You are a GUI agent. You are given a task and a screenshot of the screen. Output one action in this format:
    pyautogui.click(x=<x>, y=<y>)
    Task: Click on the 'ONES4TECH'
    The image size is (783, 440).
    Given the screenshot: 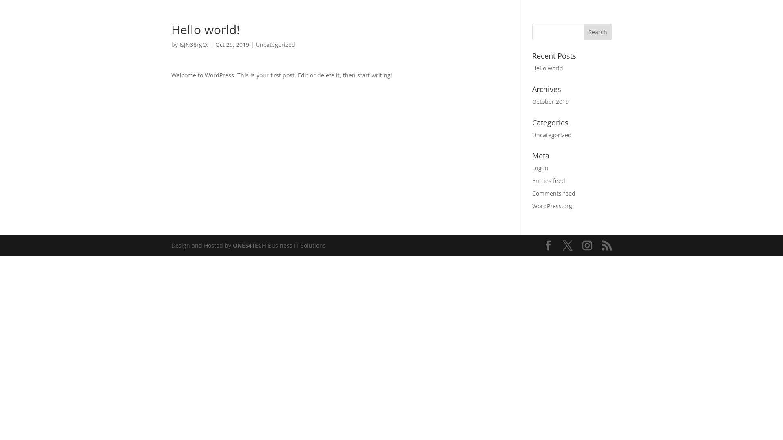 What is the action you would take?
    pyautogui.click(x=232, y=245)
    